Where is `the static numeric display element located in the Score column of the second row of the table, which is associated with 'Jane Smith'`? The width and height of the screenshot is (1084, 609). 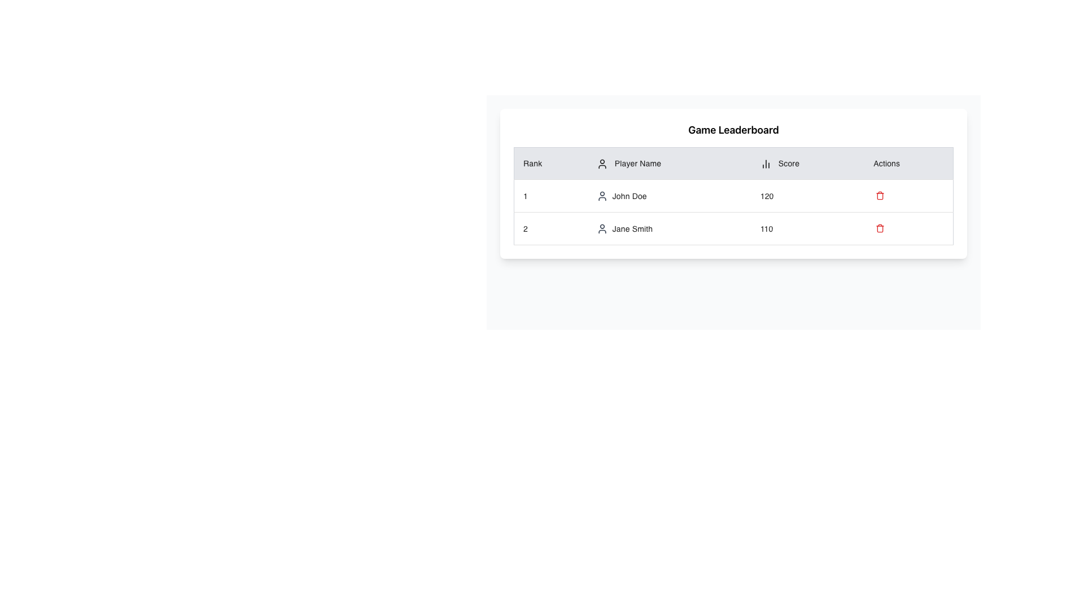 the static numeric display element located in the Score column of the second row of the table, which is associated with 'Jane Smith' is located at coordinates (807, 228).